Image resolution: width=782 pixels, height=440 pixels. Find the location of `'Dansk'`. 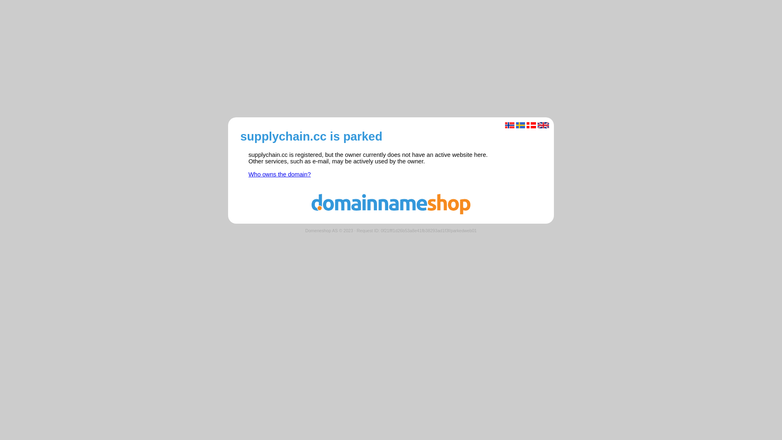

'Dansk' is located at coordinates (526, 125).